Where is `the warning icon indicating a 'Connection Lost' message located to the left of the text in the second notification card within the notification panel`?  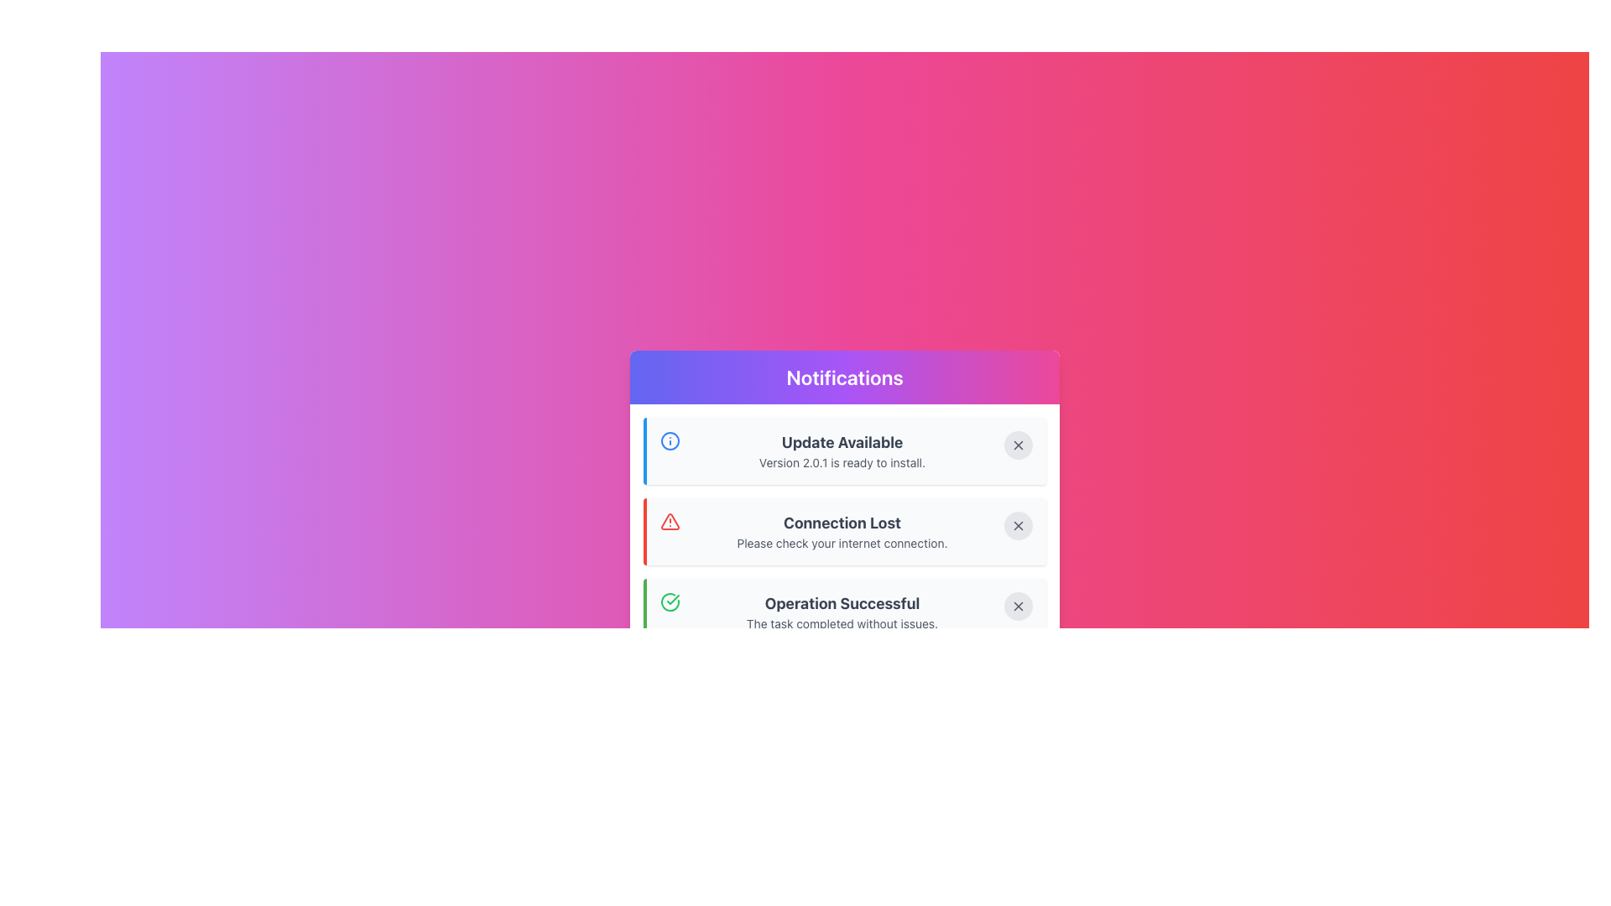 the warning icon indicating a 'Connection Lost' message located to the left of the text in the second notification card within the notification panel is located at coordinates (669, 520).